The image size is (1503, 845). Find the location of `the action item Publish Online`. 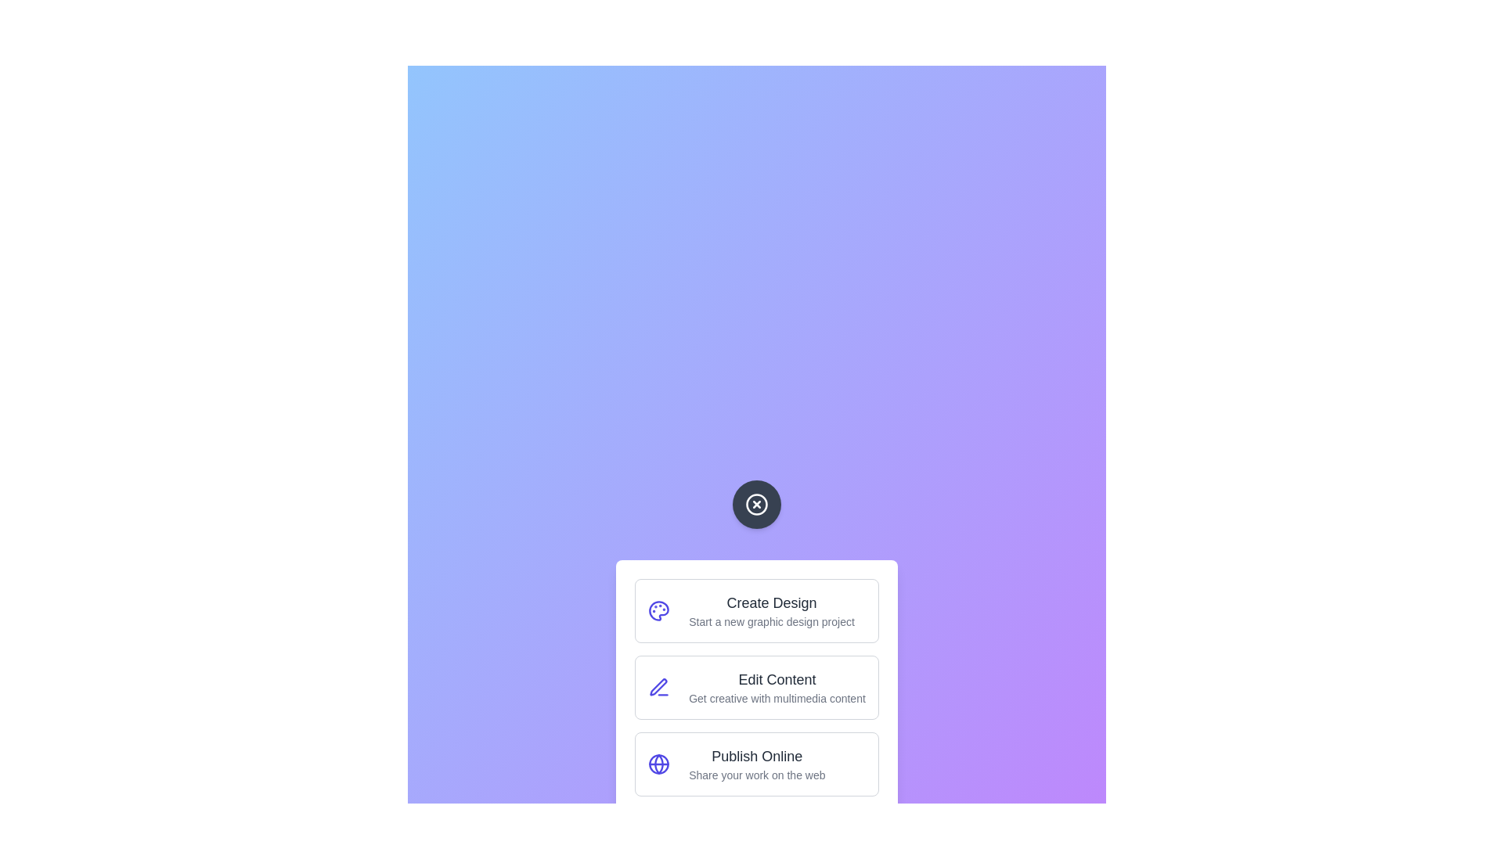

the action item Publish Online is located at coordinates (756, 763).